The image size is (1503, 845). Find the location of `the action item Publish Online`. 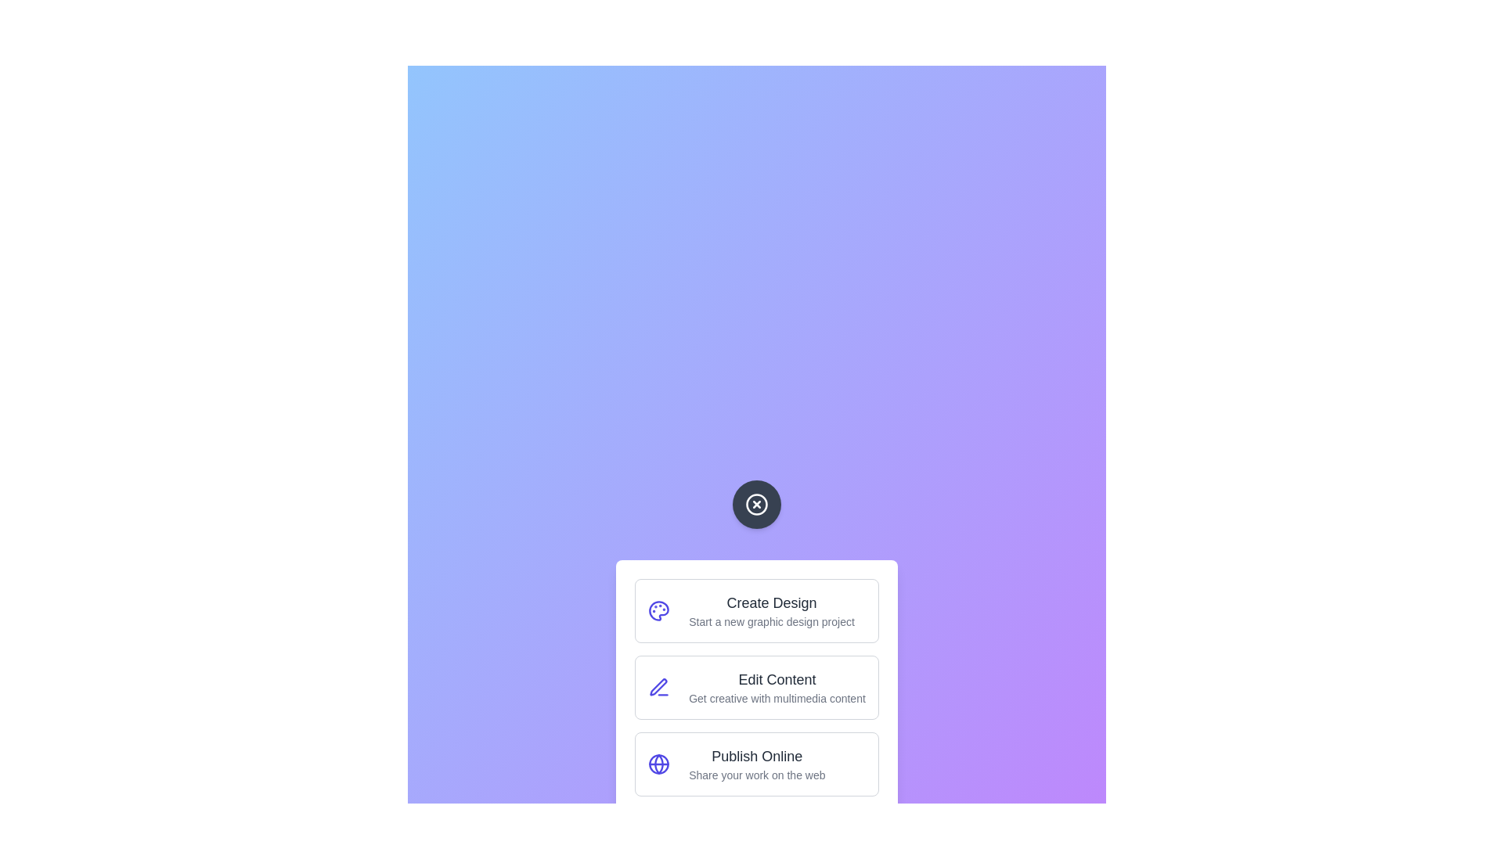

the action item Publish Online is located at coordinates (756, 763).